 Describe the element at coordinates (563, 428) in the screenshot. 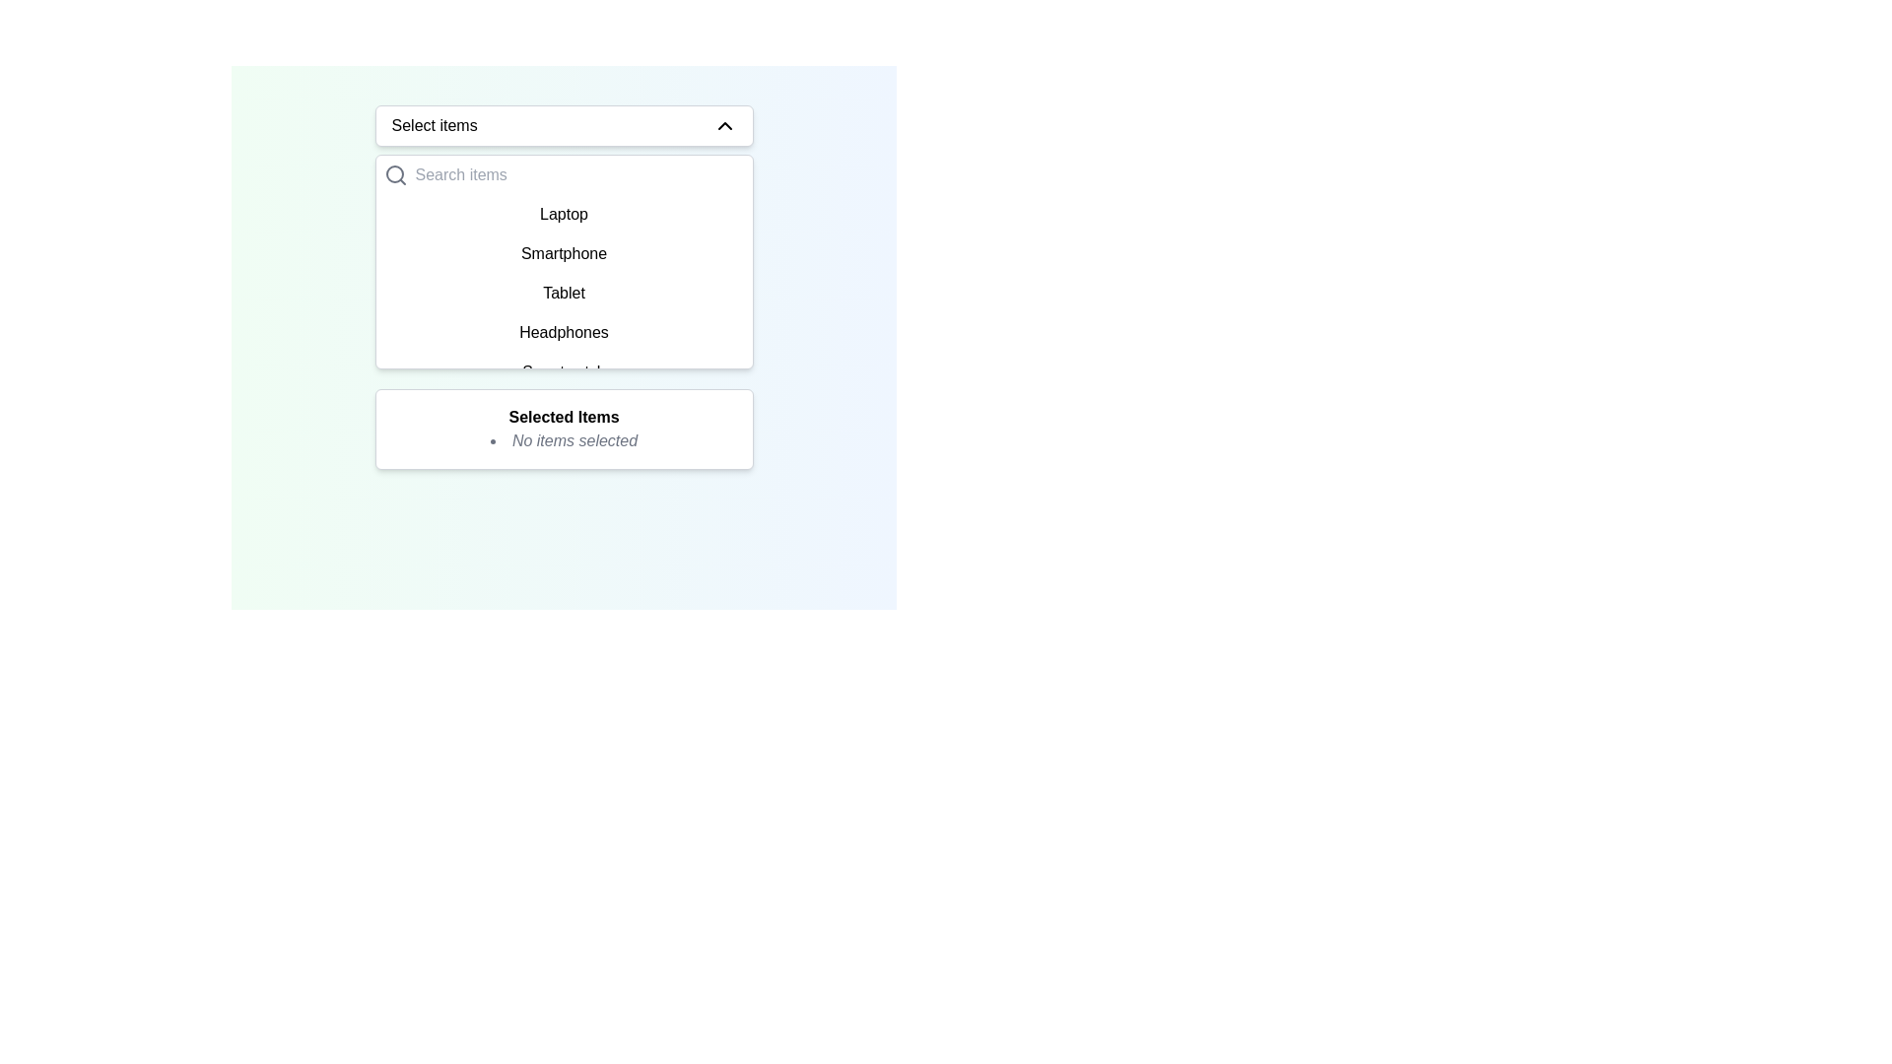

I see `the Informational box with the headline 'Selected Items' and the text 'No items selected'` at that location.